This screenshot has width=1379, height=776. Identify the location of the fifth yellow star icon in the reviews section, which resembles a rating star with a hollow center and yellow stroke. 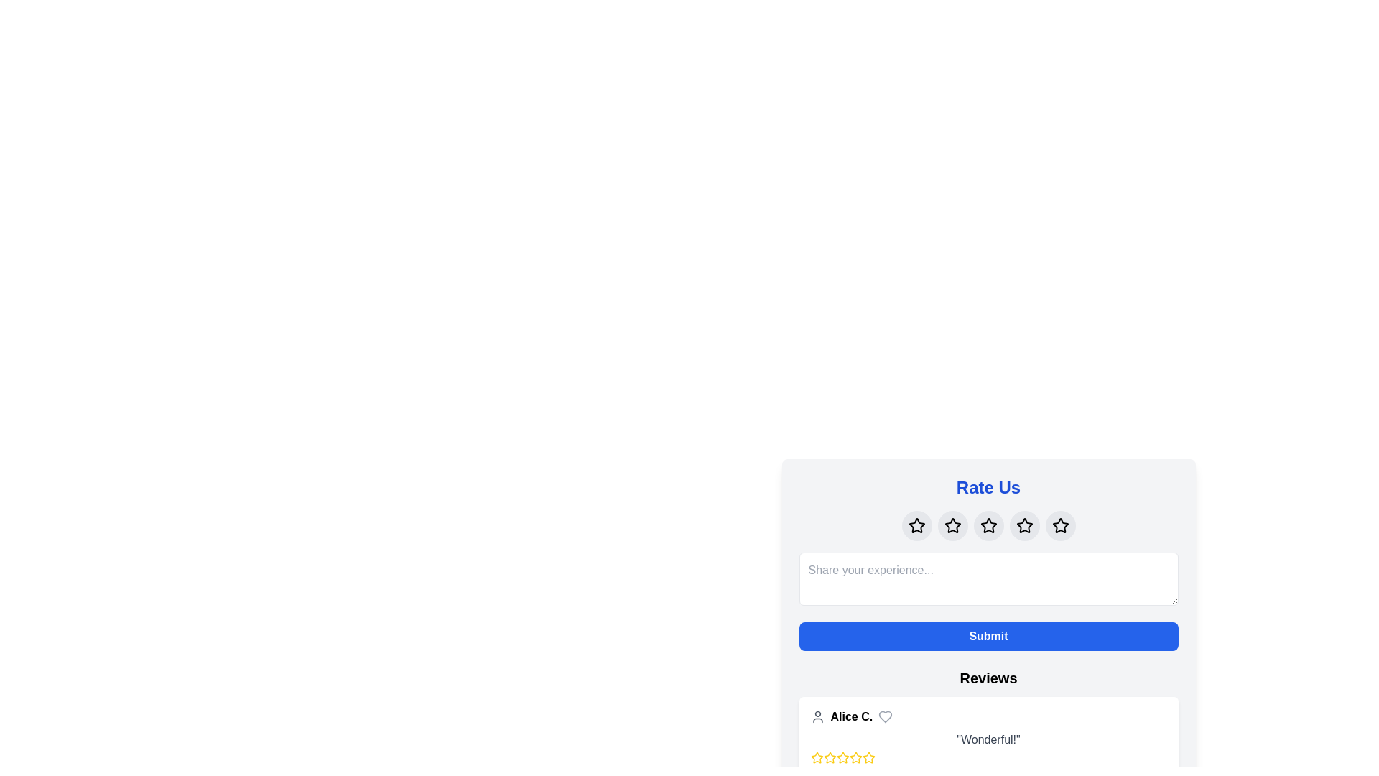
(855, 757).